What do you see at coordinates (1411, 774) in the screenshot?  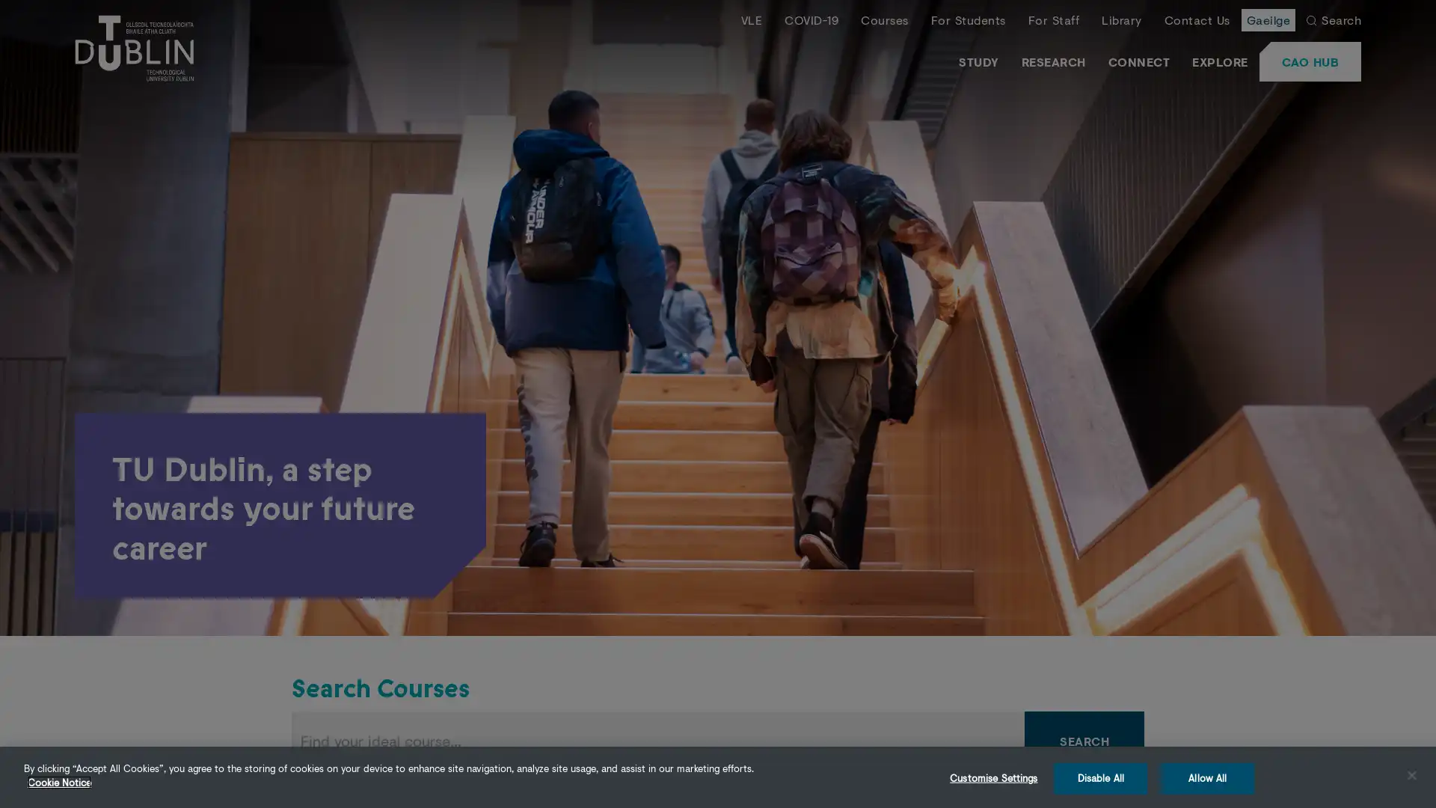 I see `Close` at bounding box center [1411, 774].